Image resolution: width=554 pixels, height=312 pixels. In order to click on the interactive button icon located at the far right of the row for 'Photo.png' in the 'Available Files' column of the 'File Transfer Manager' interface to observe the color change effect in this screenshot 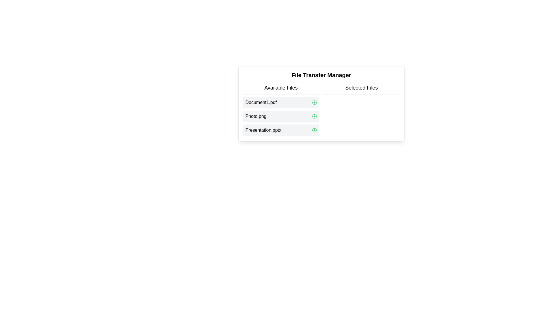, I will do `click(314, 116)`.